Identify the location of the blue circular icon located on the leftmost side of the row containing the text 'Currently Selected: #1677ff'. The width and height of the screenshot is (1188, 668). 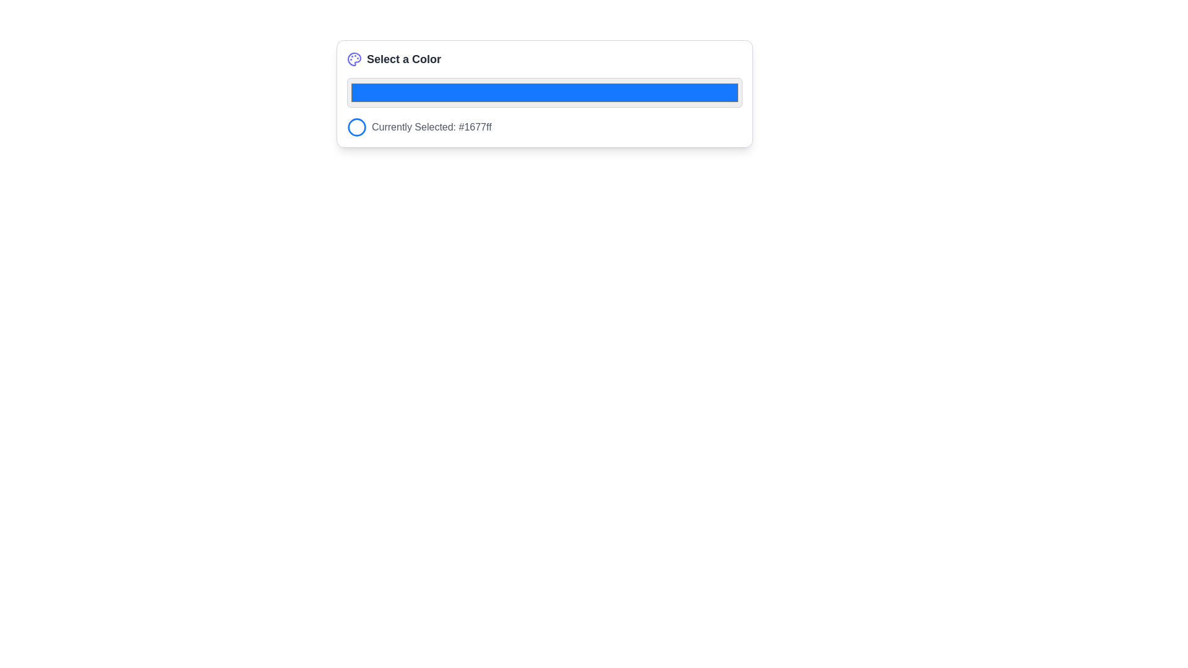
(356, 127).